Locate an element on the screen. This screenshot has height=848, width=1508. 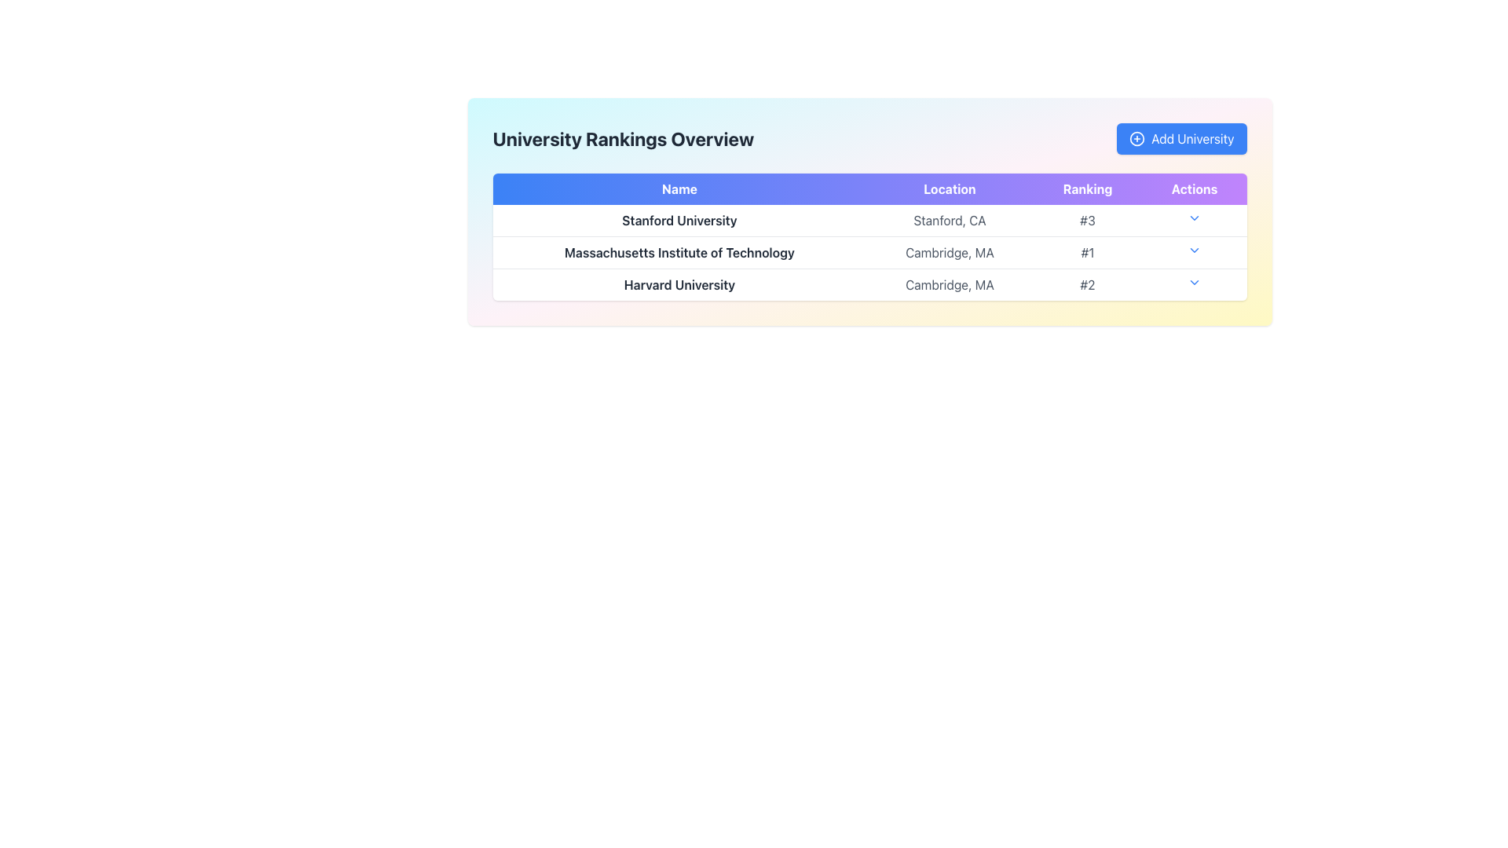
the button to add a university, located to the right of 'University Rankings Overview', to change its color is located at coordinates (1181, 138).